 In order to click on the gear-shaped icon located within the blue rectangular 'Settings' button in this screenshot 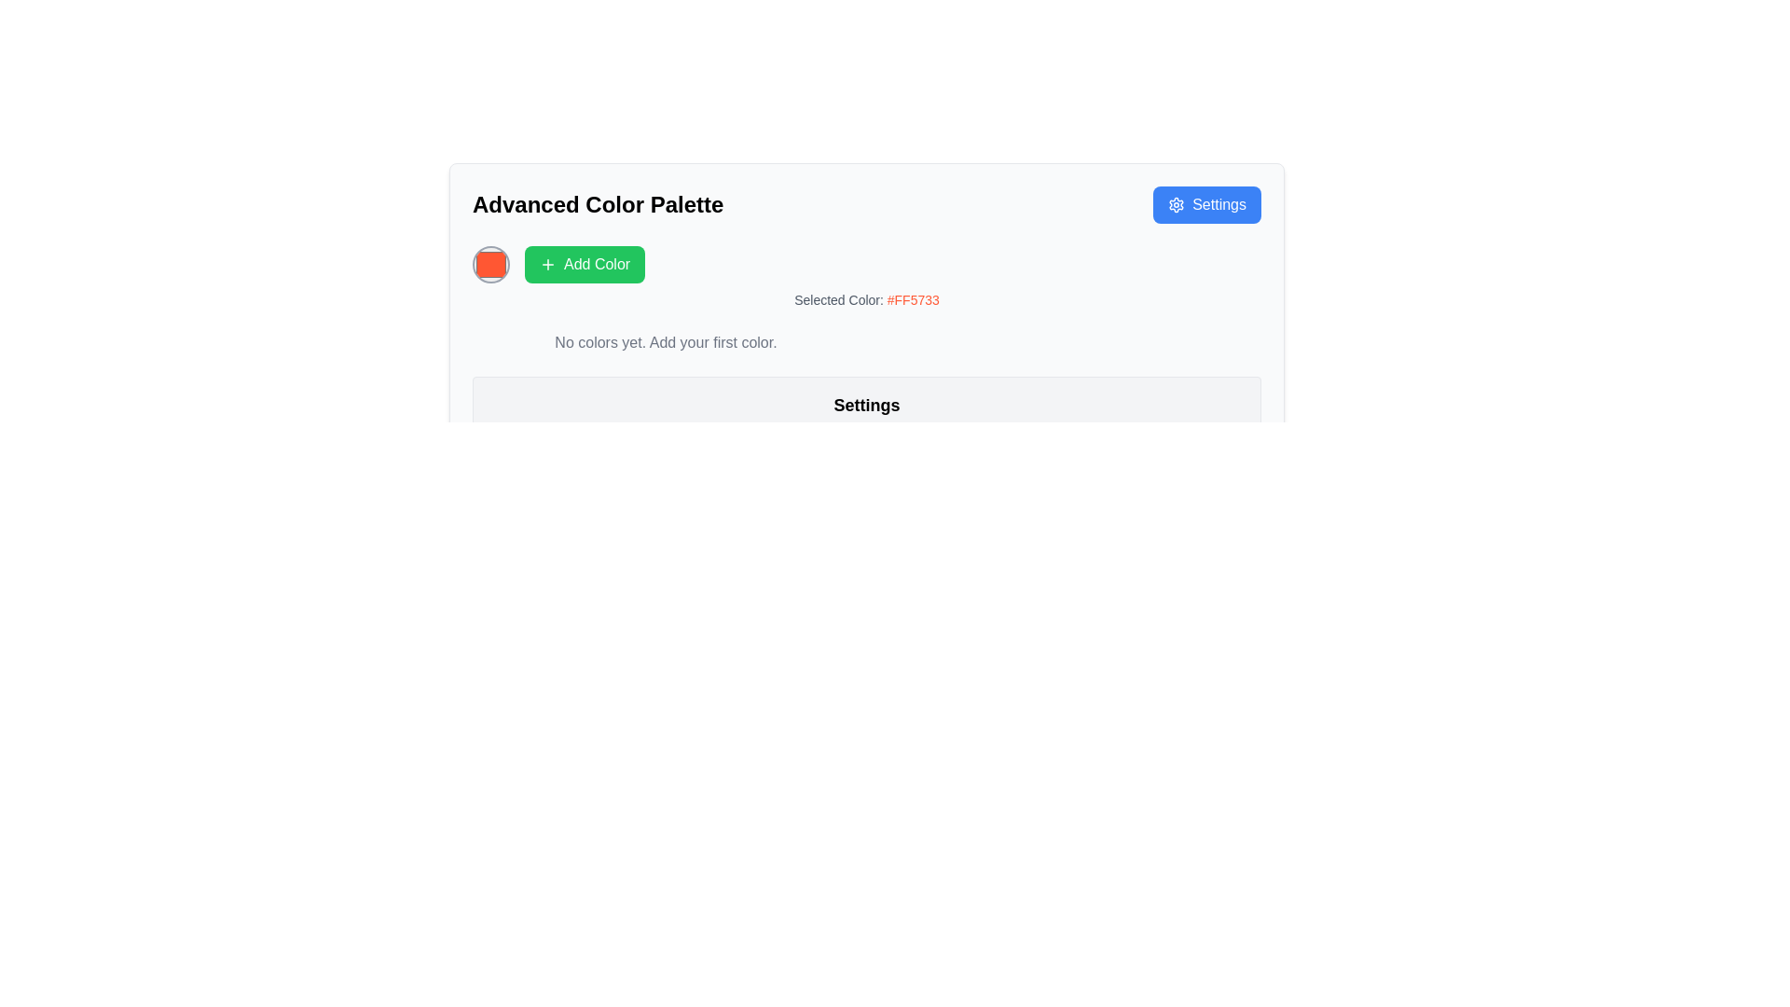, I will do `click(1176, 204)`.